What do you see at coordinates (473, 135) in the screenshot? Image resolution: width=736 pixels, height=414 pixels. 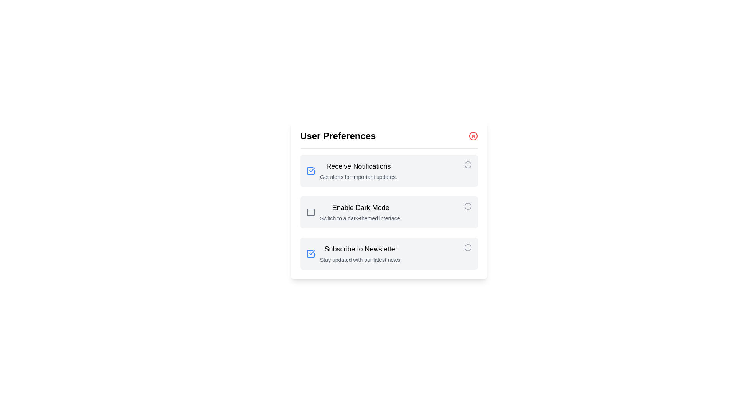 I see `the circular icon with a stylized 'X' located in the top-right corner of the 'User Preferences' card` at bounding box center [473, 135].